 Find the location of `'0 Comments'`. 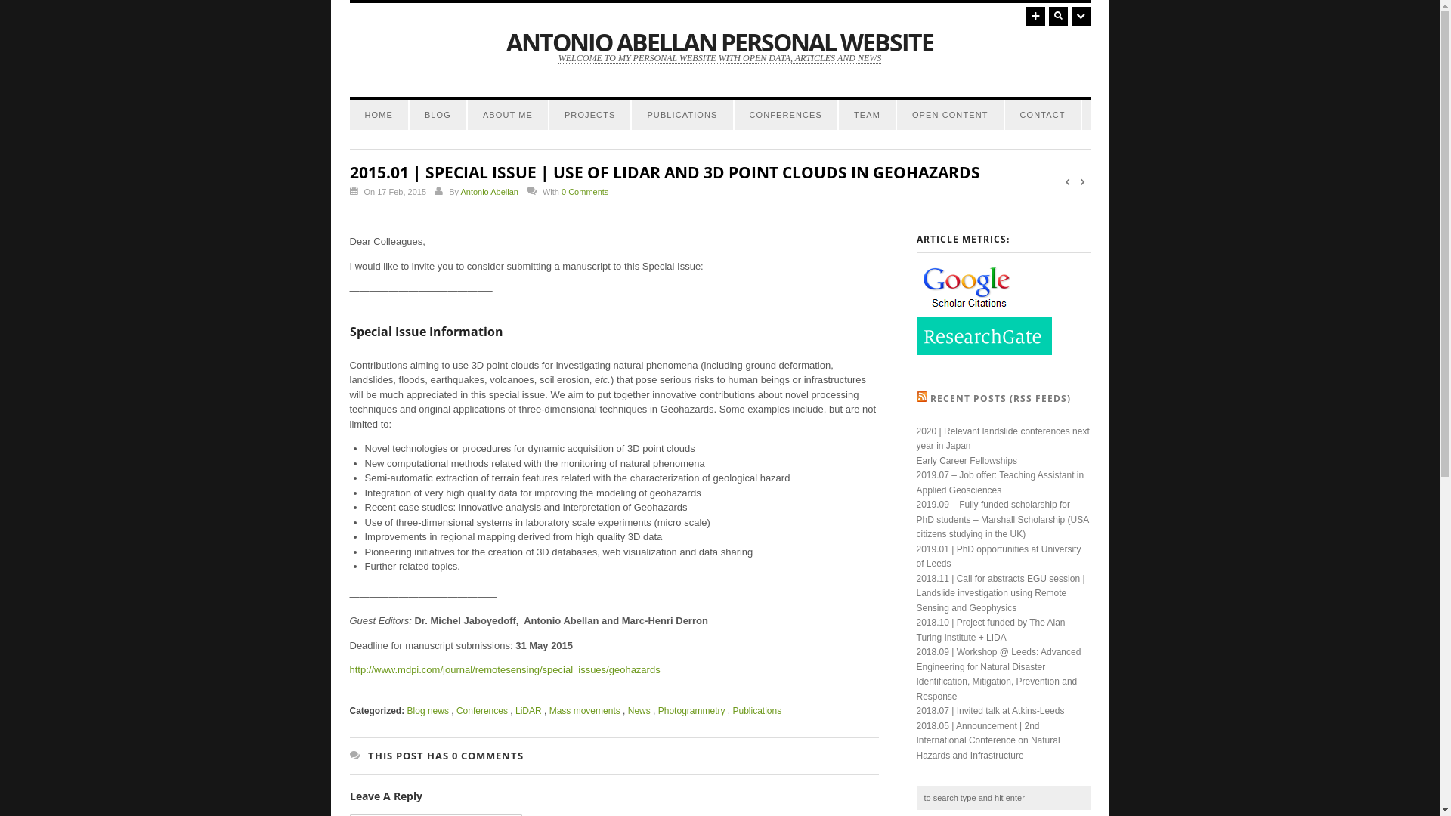

'0 Comments' is located at coordinates (583, 191).